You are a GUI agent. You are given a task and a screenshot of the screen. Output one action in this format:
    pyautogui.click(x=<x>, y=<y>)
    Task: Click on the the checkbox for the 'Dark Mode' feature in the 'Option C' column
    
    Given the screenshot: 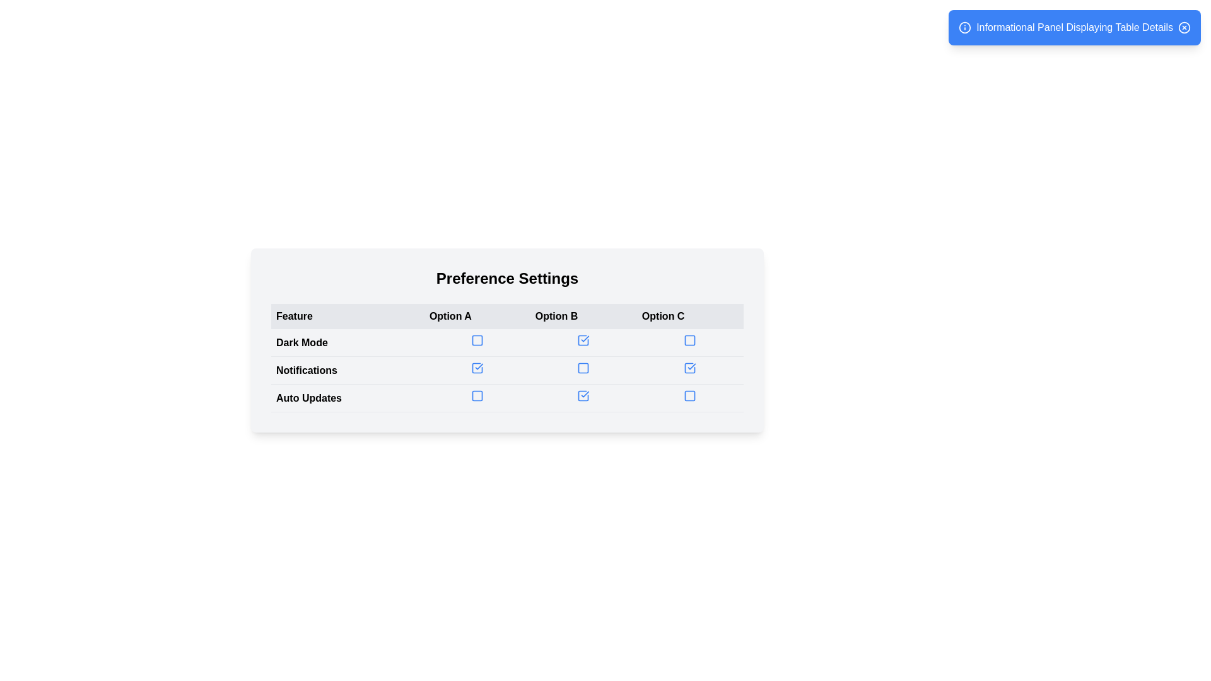 What is the action you would take?
    pyautogui.click(x=689, y=340)
    